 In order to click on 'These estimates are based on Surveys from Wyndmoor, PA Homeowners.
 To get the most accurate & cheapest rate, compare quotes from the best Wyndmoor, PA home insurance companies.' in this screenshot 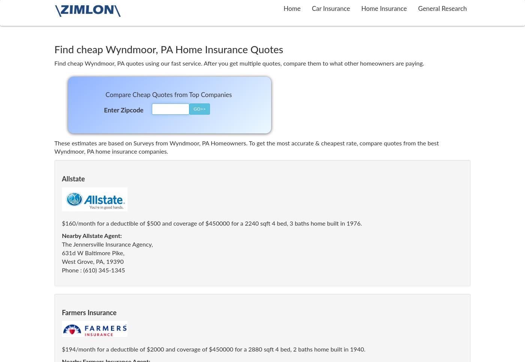, I will do `click(246, 147)`.